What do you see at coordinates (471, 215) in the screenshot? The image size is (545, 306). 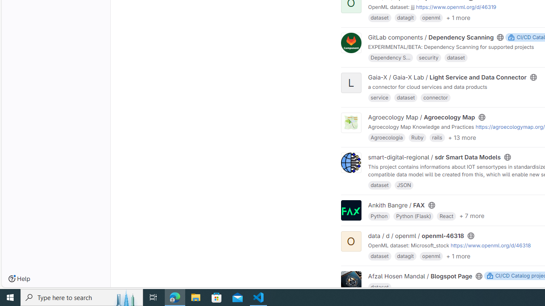 I see `'+ 7 more'` at bounding box center [471, 215].